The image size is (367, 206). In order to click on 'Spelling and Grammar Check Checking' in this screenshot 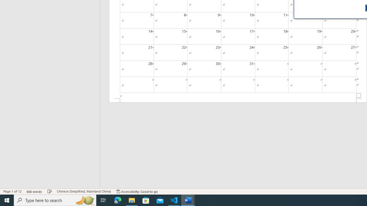, I will do `click(50, 191)`.